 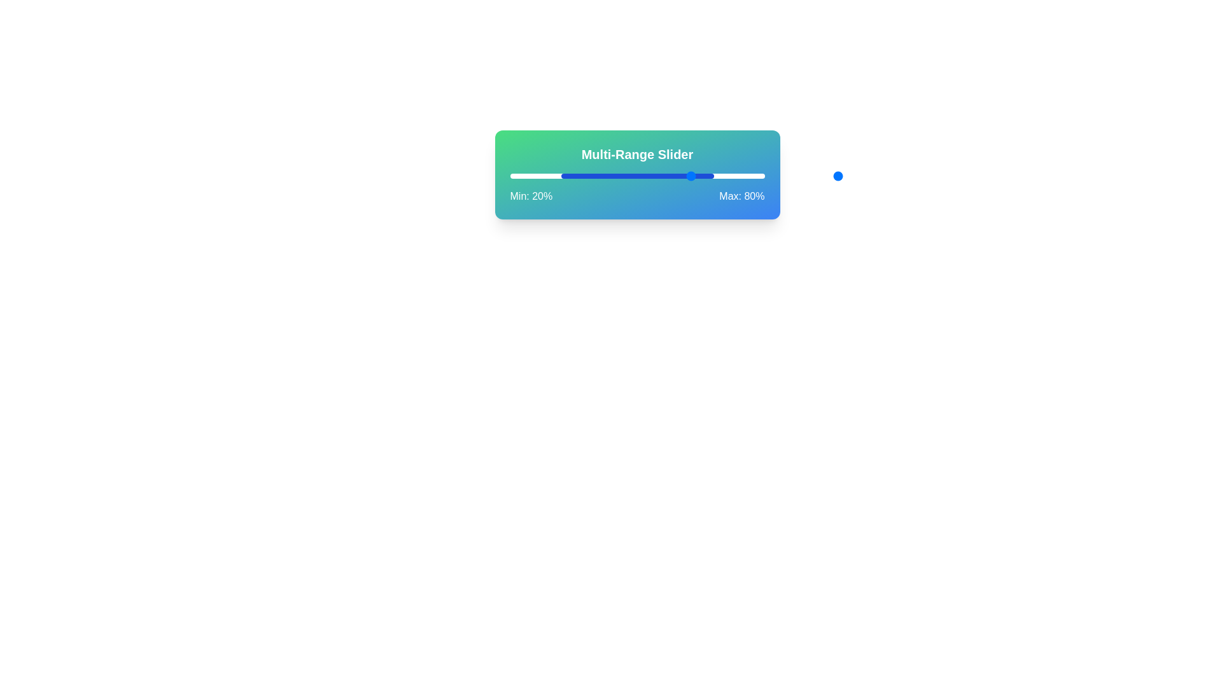 I want to click on the text display element that shows 'Min: 20%' and 'Max: 80%' within a gradient green-to-blue background, located below the 'Multi-Range Slider' title, so click(x=637, y=196).